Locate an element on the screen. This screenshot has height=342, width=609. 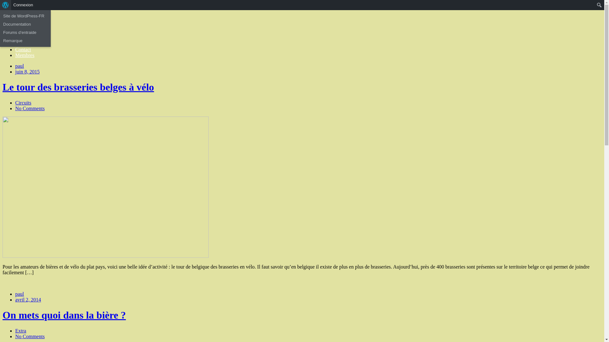
'Site de WordPress-FR' is located at coordinates (25, 16).